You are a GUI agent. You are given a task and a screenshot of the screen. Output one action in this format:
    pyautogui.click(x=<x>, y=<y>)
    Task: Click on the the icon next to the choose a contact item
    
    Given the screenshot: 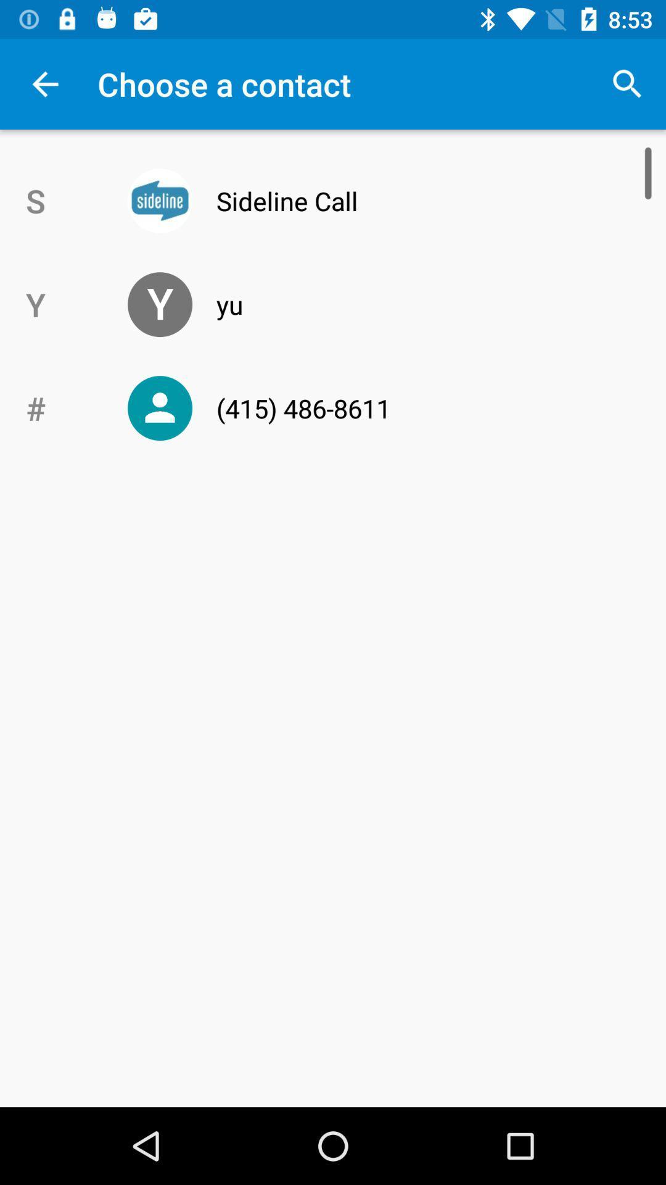 What is the action you would take?
    pyautogui.click(x=627, y=83)
    